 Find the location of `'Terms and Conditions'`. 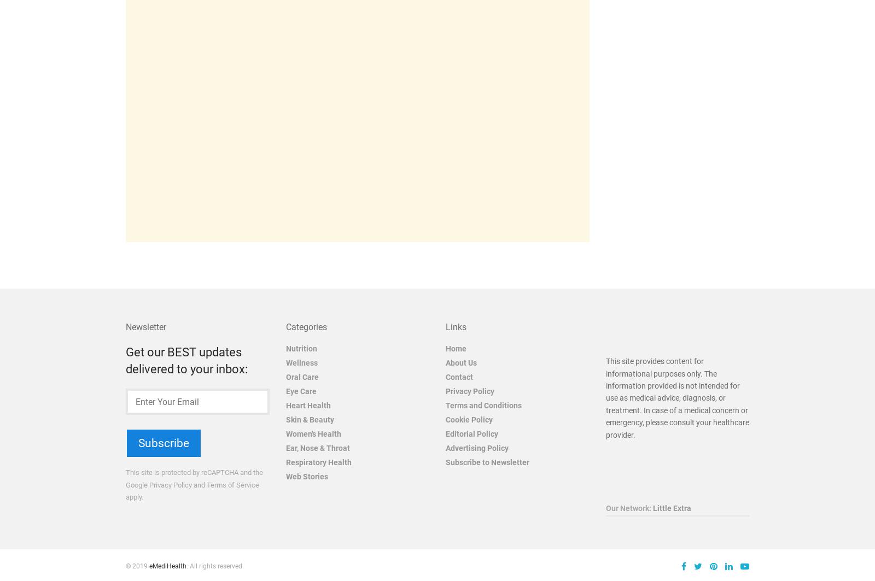

'Terms and Conditions' is located at coordinates (483, 404).